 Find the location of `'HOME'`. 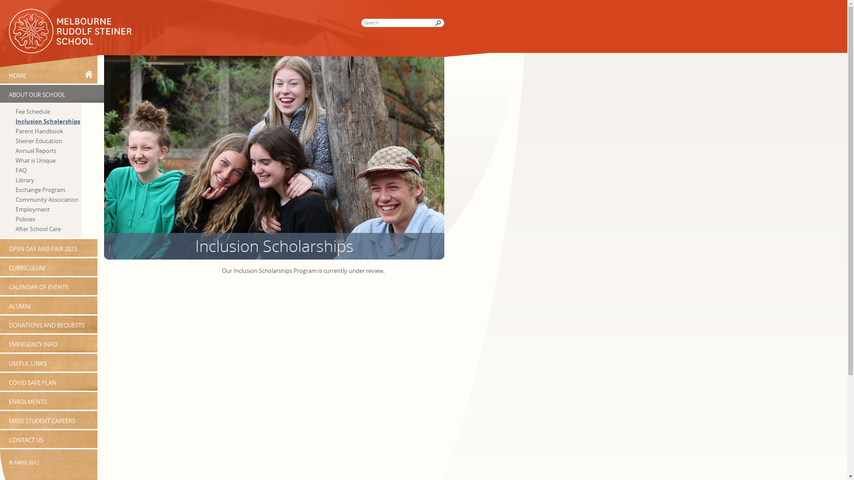

'HOME' is located at coordinates (48, 68).